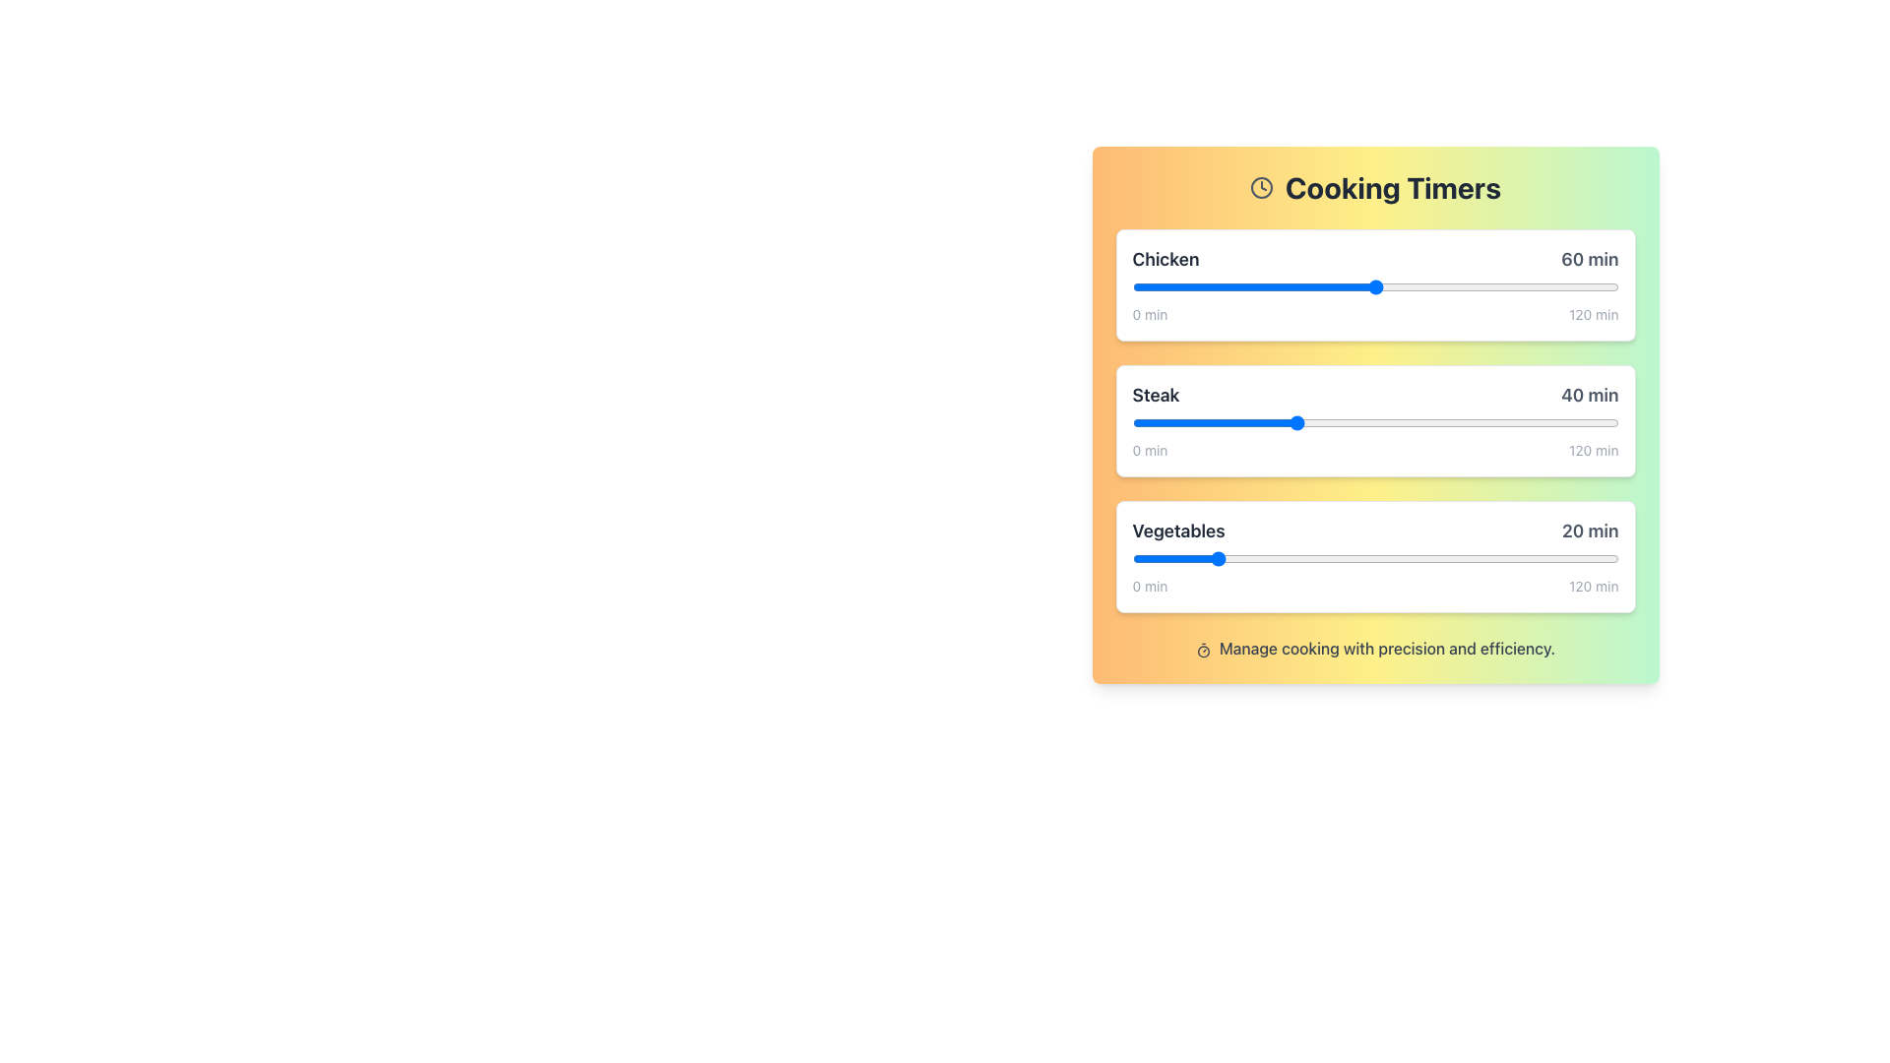 The height and width of the screenshot is (1063, 1890). I want to click on the static text label displaying '0 min', which is styled in small gray font and positioned to the left of the progress bar for the 'Chicken' cooking timer, so click(1150, 314).